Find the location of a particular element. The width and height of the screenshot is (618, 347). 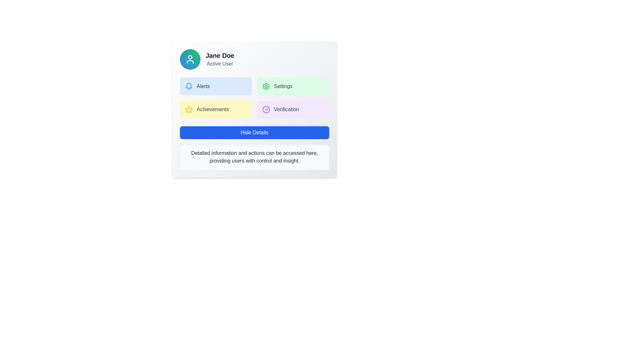

the bell-shaped icon with a blue outline, which symbolizes an alert or notification, located inside the 'Alerts' button in the top-left corner of the four-button grid is located at coordinates (188, 86).